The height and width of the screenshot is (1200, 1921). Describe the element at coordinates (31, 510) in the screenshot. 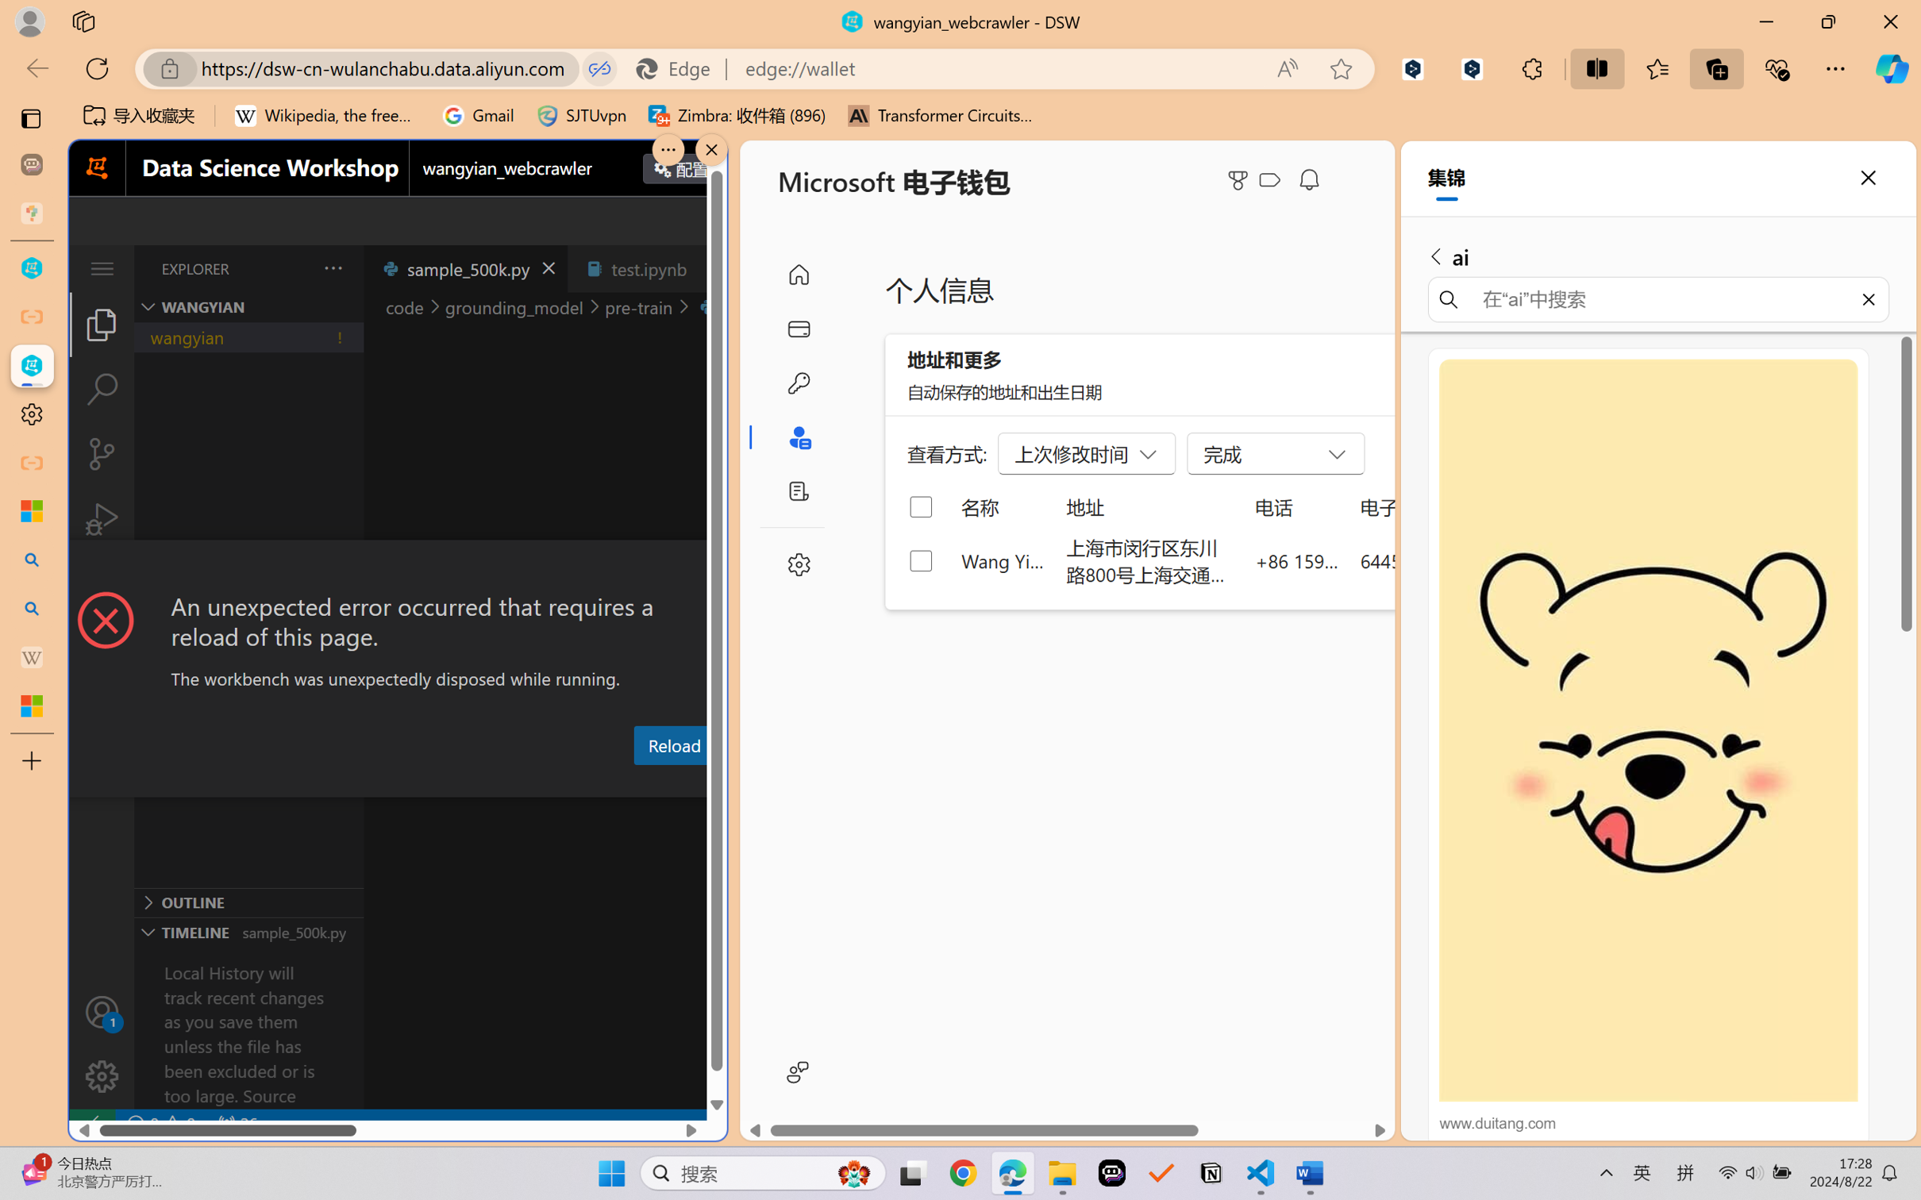

I see `'Microsoft security help and learning'` at that location.